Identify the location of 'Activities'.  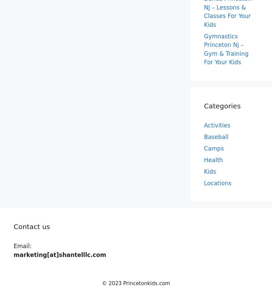
(217, 125).